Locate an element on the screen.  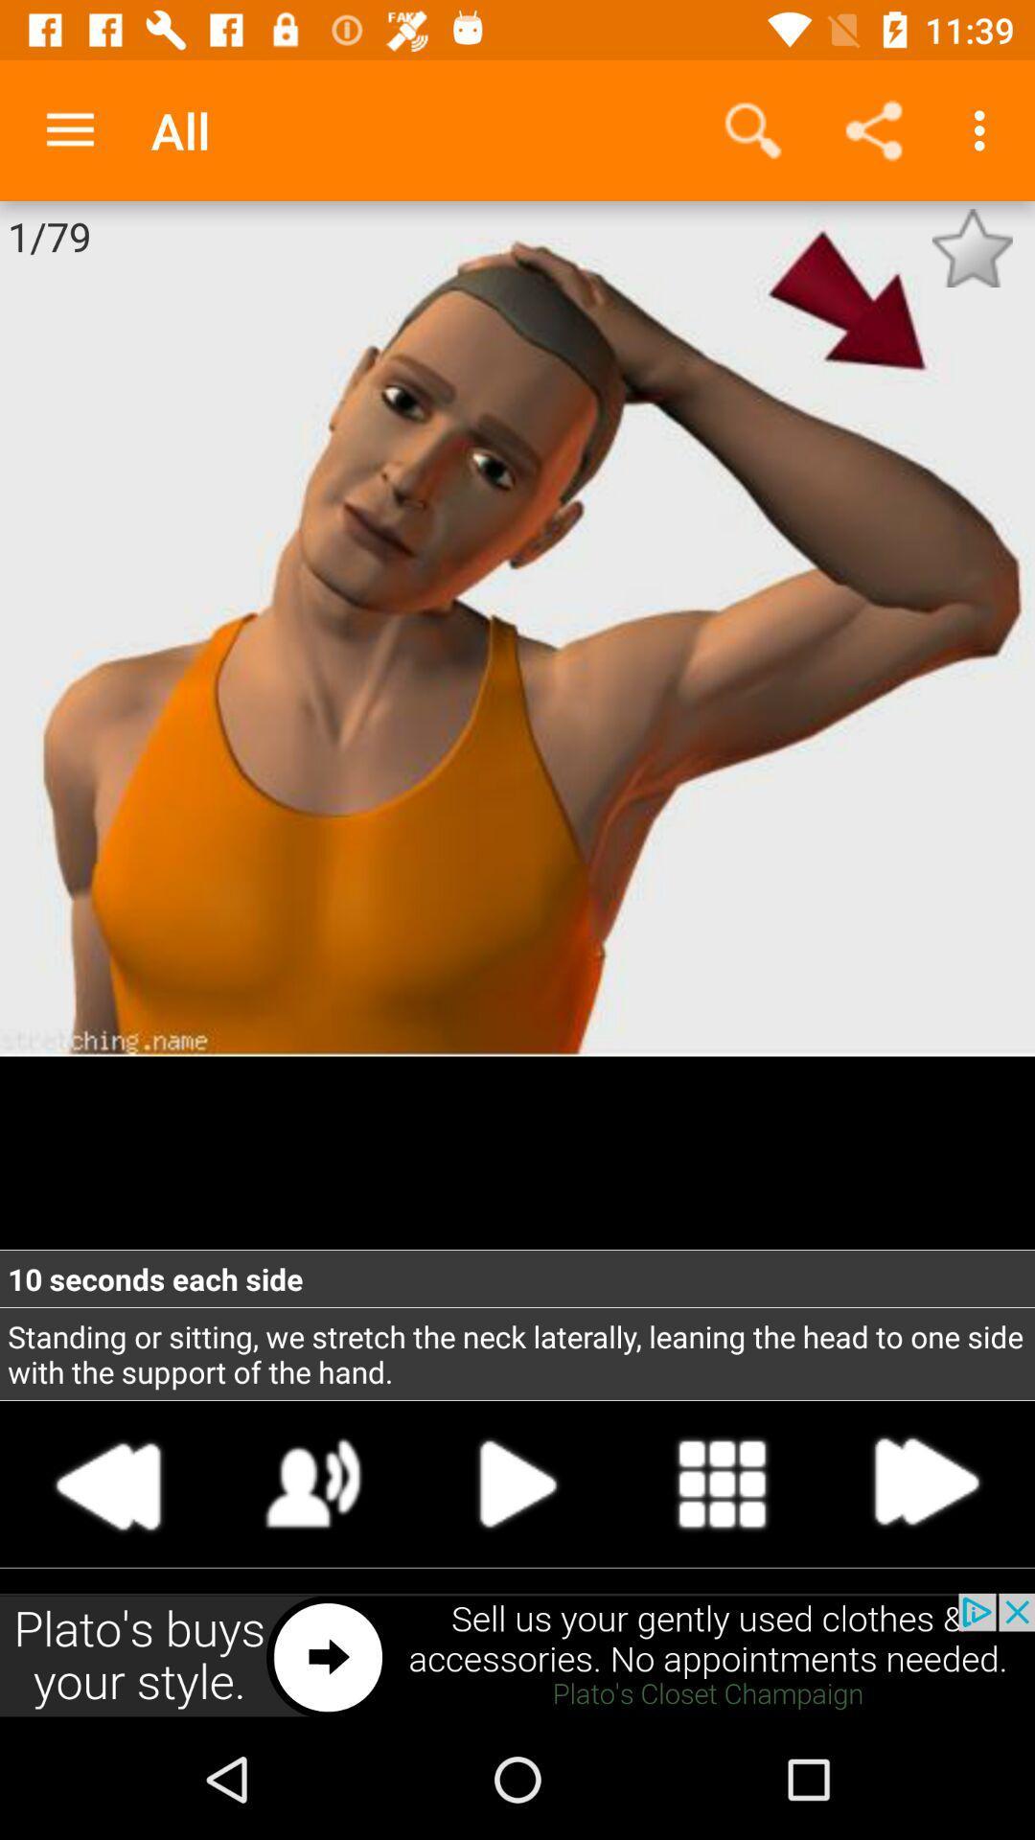
save is located at coordinates (972, 247).